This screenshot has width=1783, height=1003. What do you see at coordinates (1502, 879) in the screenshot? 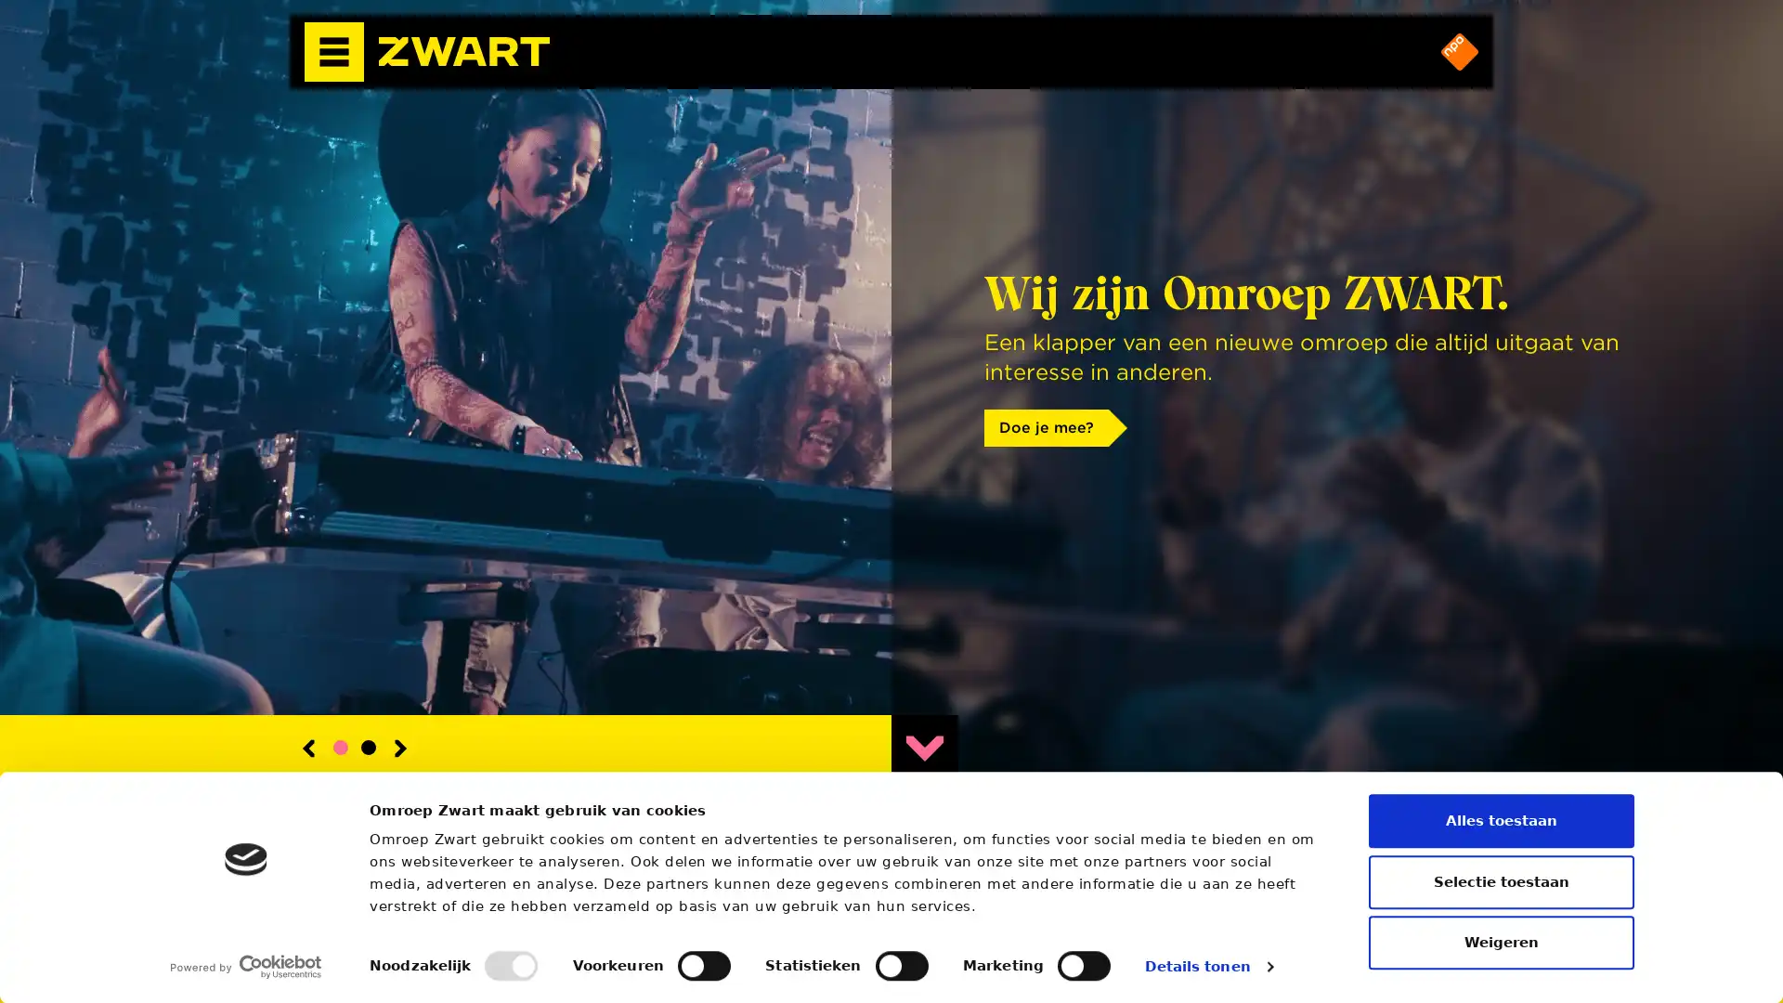
I see `Selectie toestaan` at bounding box center [1502, 879].